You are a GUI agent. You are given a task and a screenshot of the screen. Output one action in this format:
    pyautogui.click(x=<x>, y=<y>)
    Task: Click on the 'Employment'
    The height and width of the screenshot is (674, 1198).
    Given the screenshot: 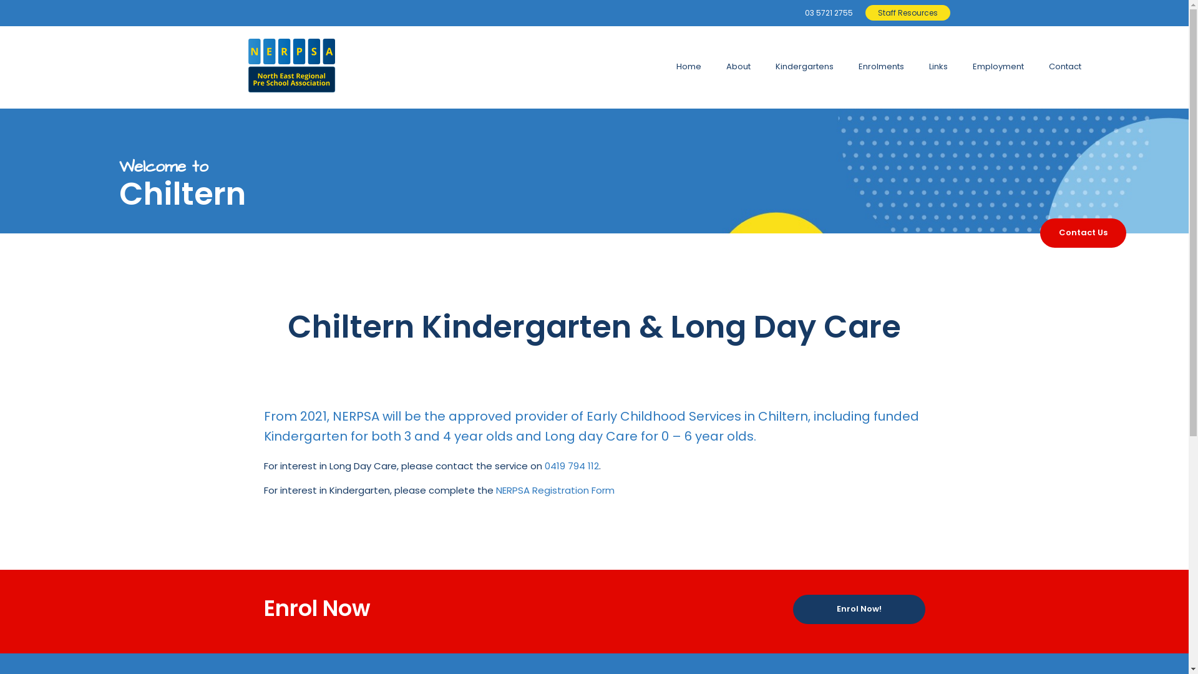 What is the action you would take?
    pyautogui.click(x=997, y=66)
    